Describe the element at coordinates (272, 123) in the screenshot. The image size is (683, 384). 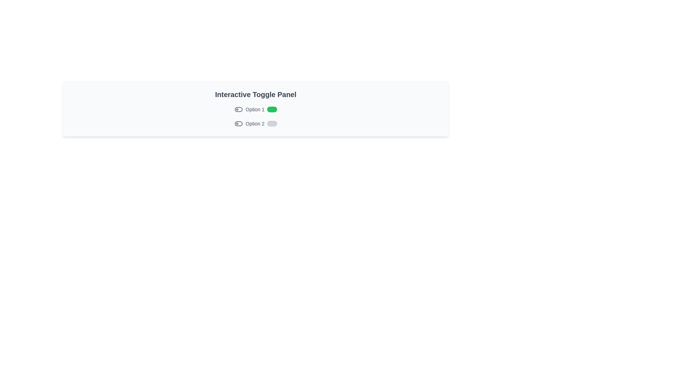
I see `the second switch labeled 'Option 2' to toggle it` at that location.